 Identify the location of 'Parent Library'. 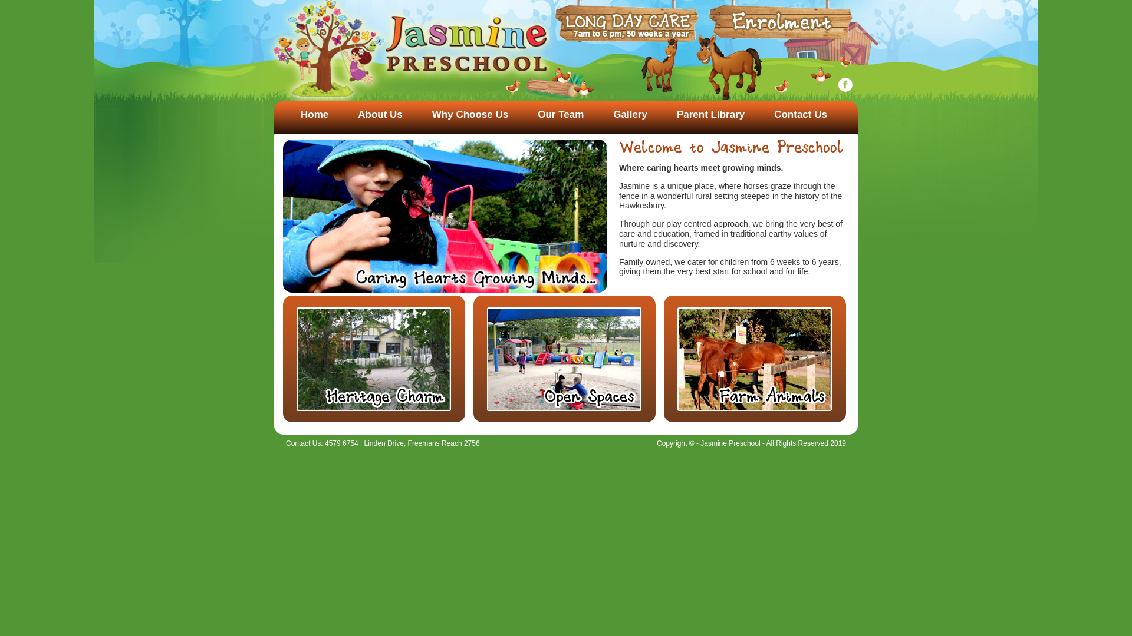
(662, 114).